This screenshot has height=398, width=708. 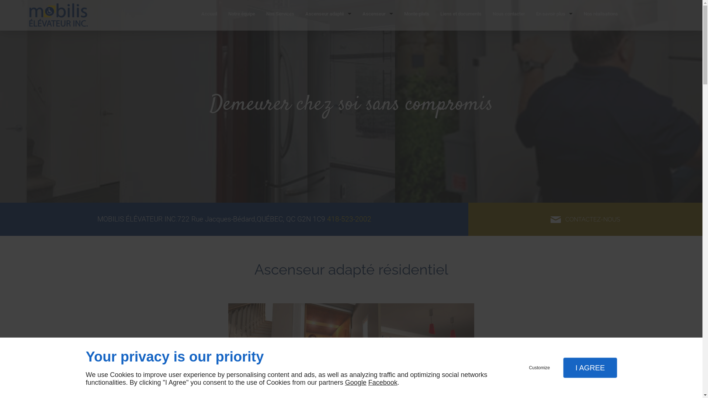 What do you see at coordinates (355, 382) in the screenshot?
I see `'Google'` at bounding box center [355, 382].